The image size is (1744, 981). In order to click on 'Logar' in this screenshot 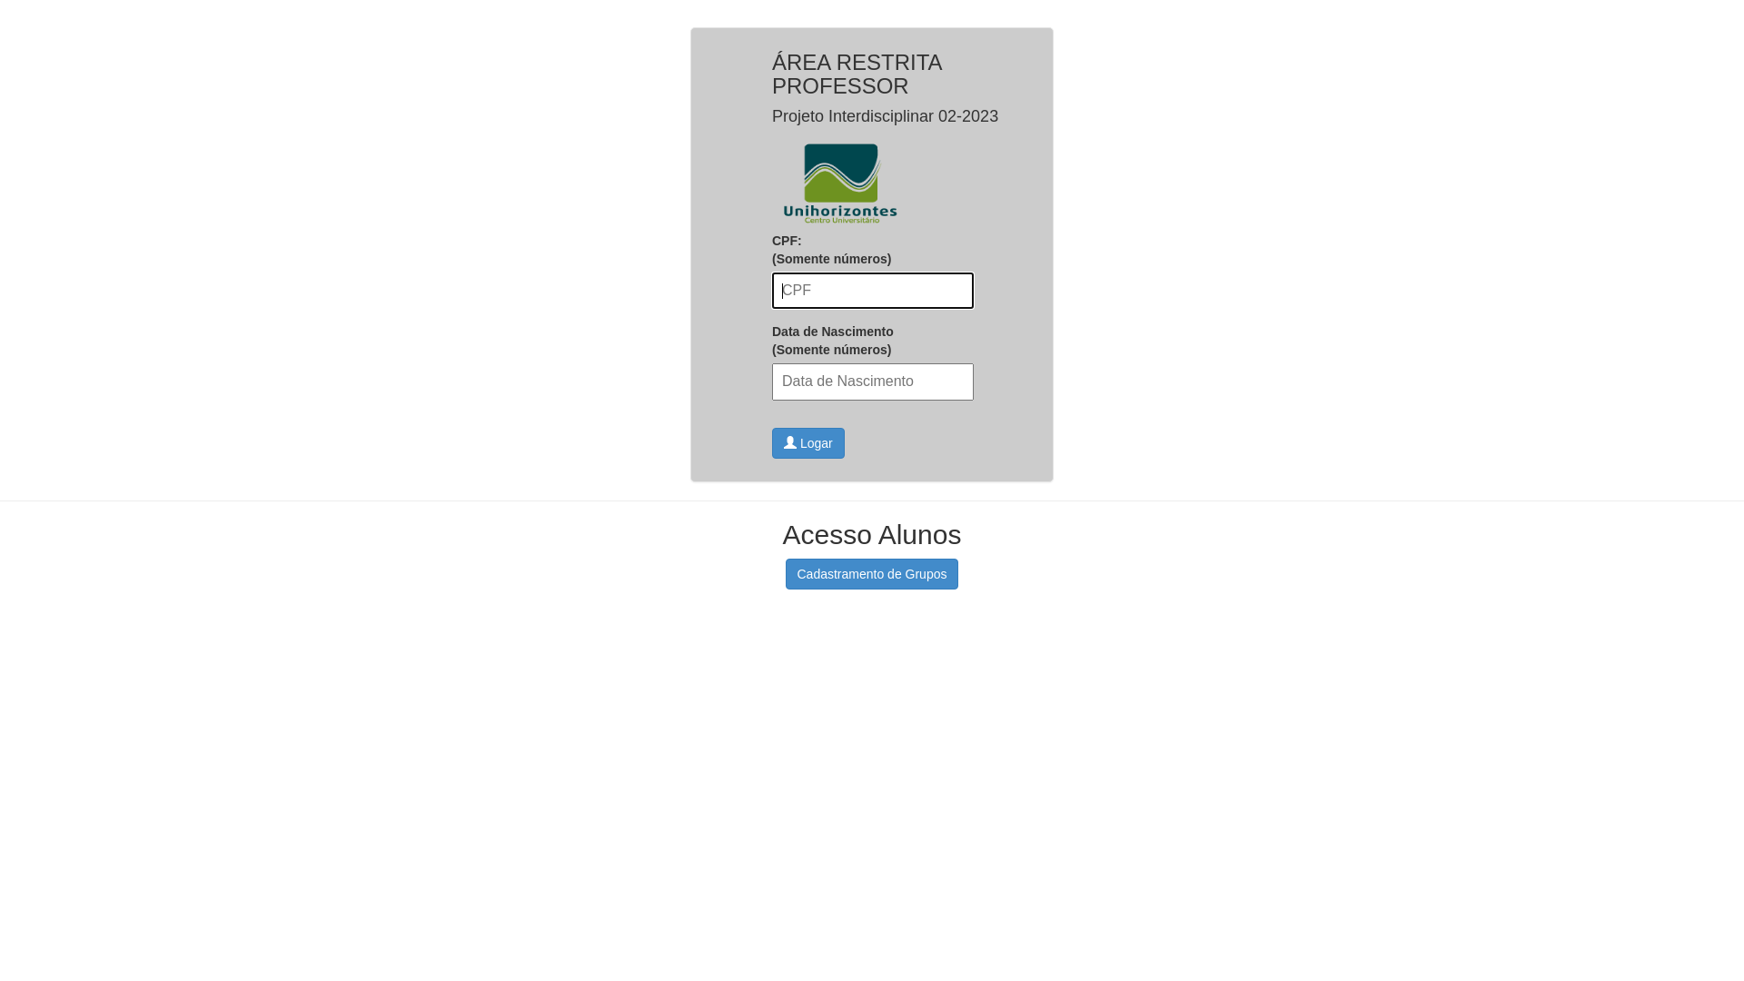, I will do `click(807, 443)`.